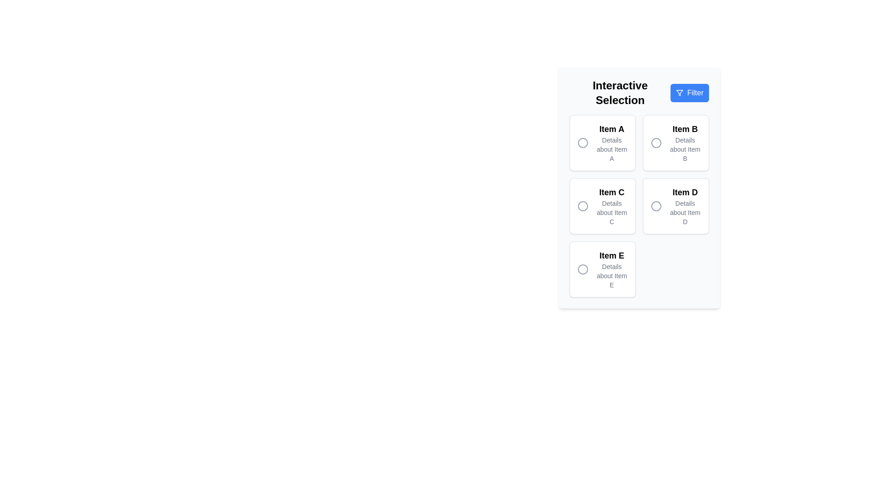  What do you see at coordinates (603, 269) in the screenshot?
I see `the radio button card for 'Item E'` at bounding box center [603, 269].